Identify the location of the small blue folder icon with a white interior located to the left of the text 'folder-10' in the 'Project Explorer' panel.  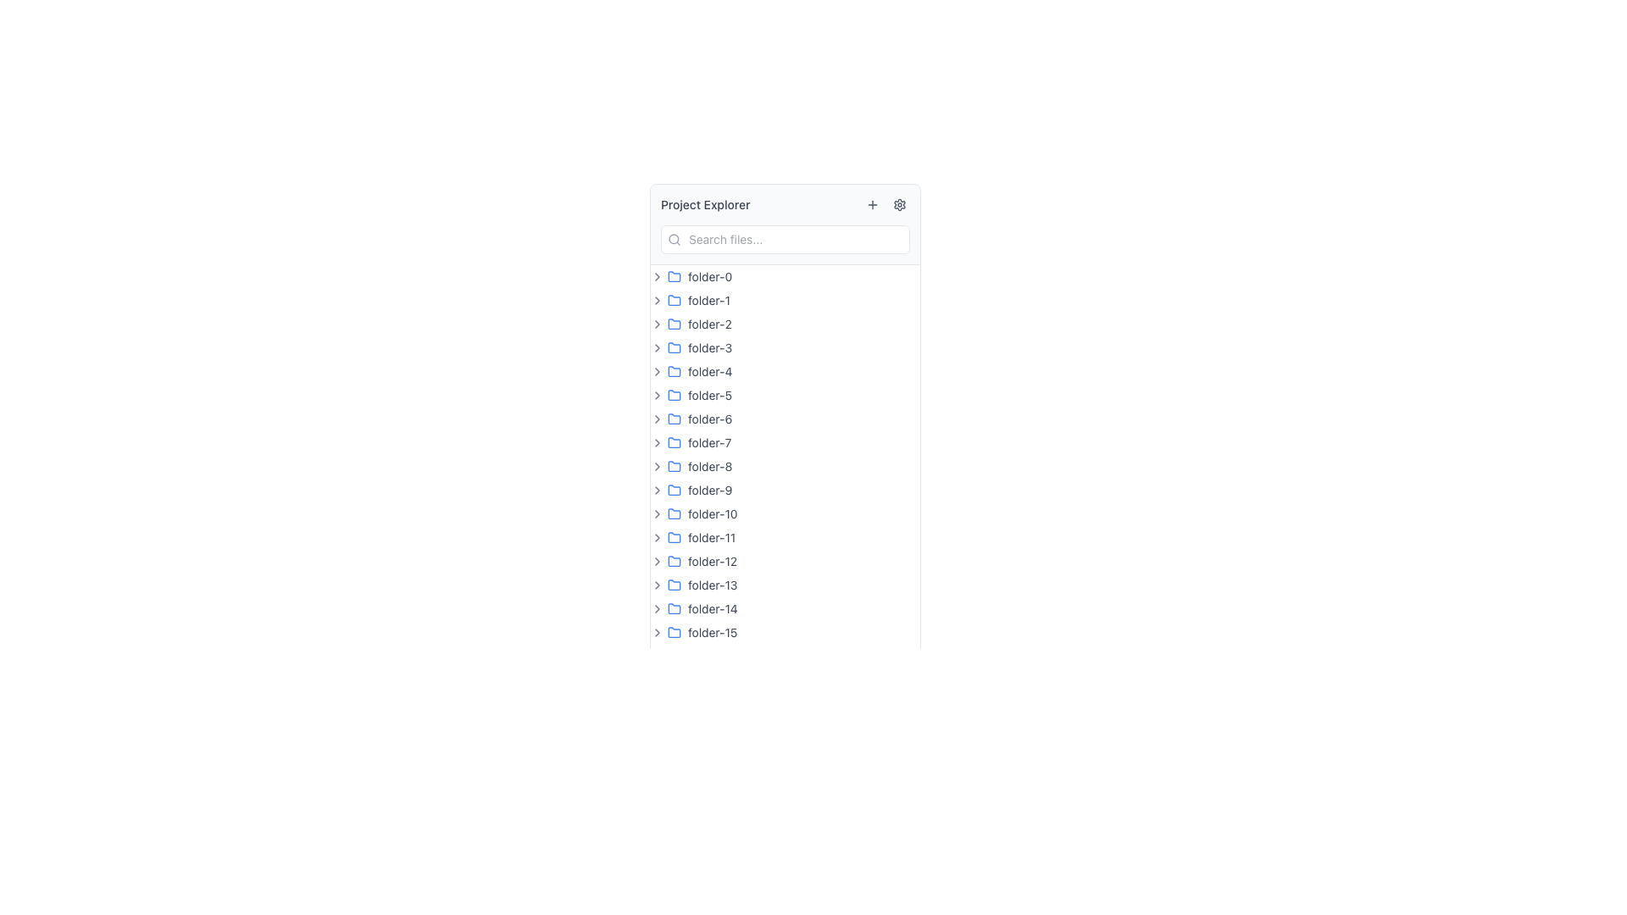
(674, 512).